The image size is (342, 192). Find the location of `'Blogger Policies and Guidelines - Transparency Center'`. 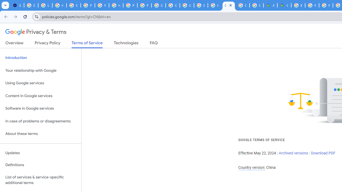

'Blogger Policies and Guidelines - Transparency Center' is located at coordinates (298, 5).